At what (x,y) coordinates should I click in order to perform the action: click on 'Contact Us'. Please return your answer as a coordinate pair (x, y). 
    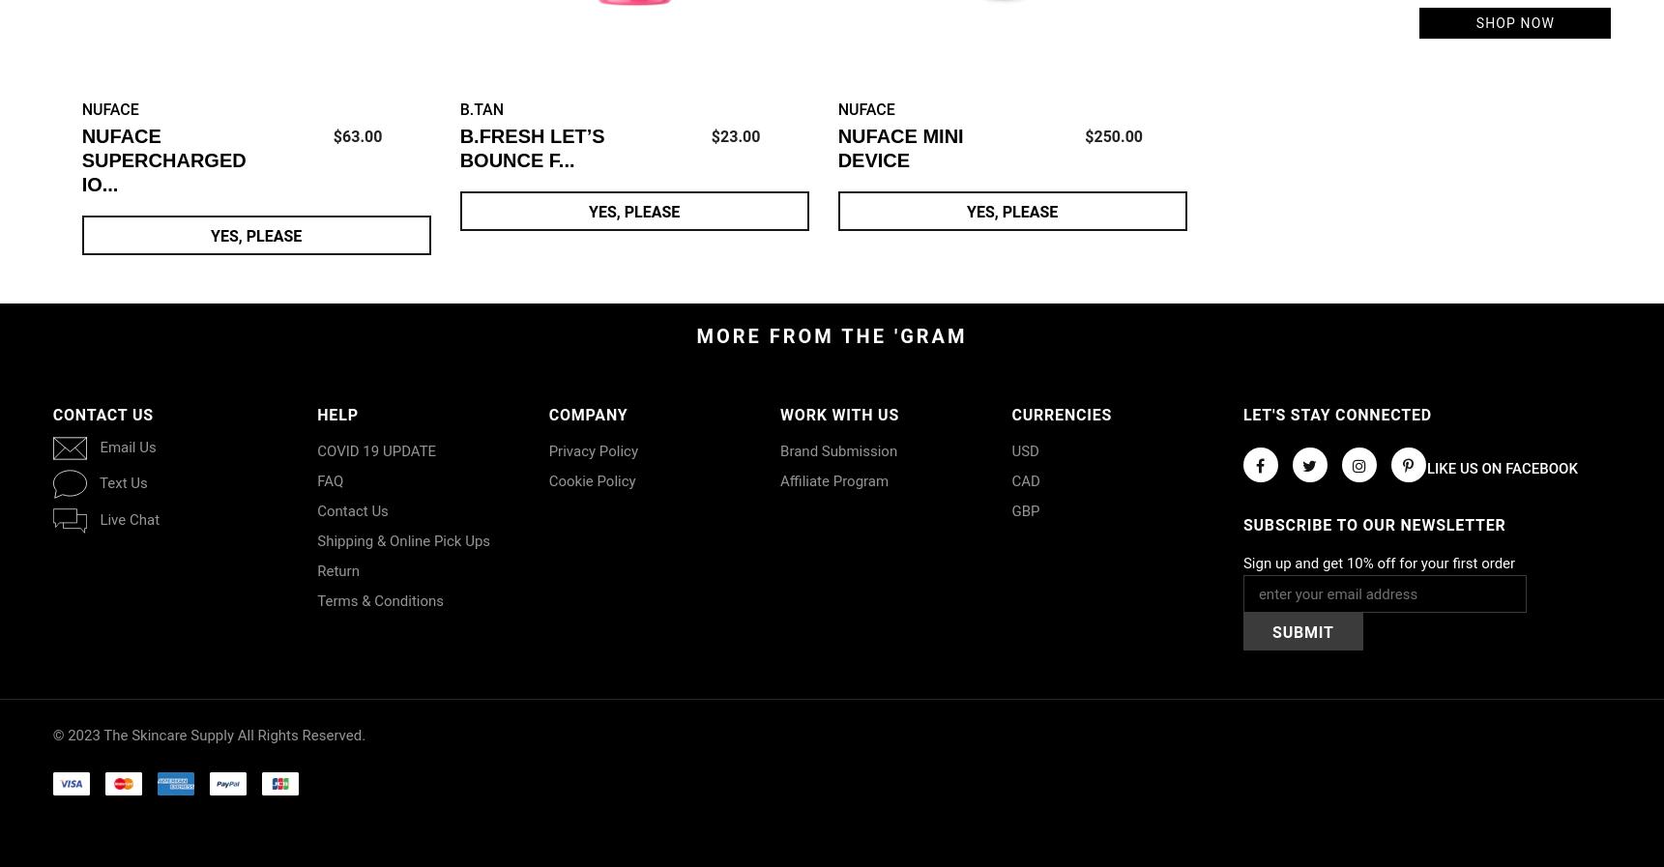
    Looking at the image, I should click on (352, 510).